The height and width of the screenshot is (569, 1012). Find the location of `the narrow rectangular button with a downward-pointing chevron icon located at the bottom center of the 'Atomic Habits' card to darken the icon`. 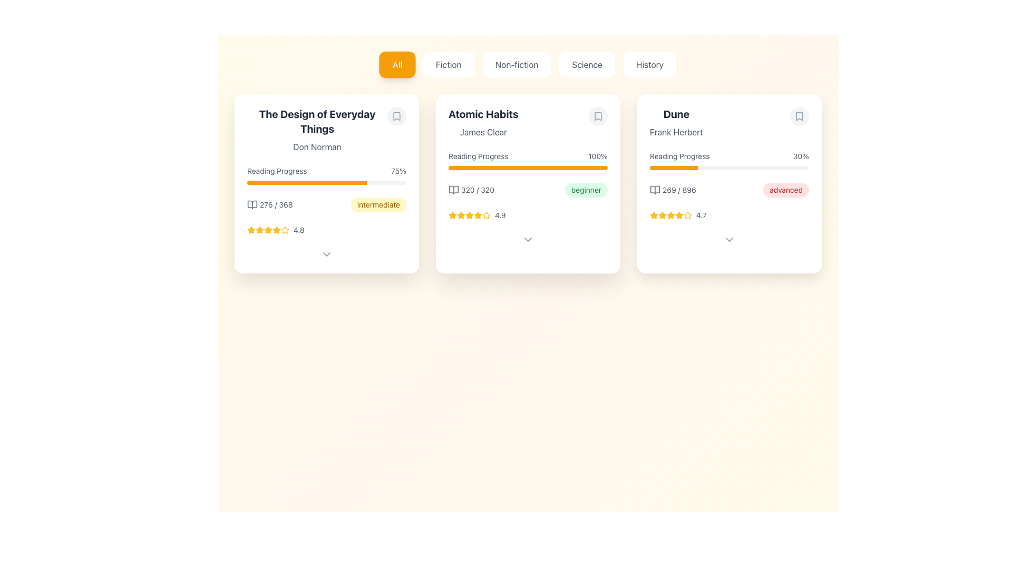

the narrow rectangular button with a downward-pointing chevron icon located at the bottom center of the 'Atomic Habits' card to darken the icon is located at coordinates (528, 240).